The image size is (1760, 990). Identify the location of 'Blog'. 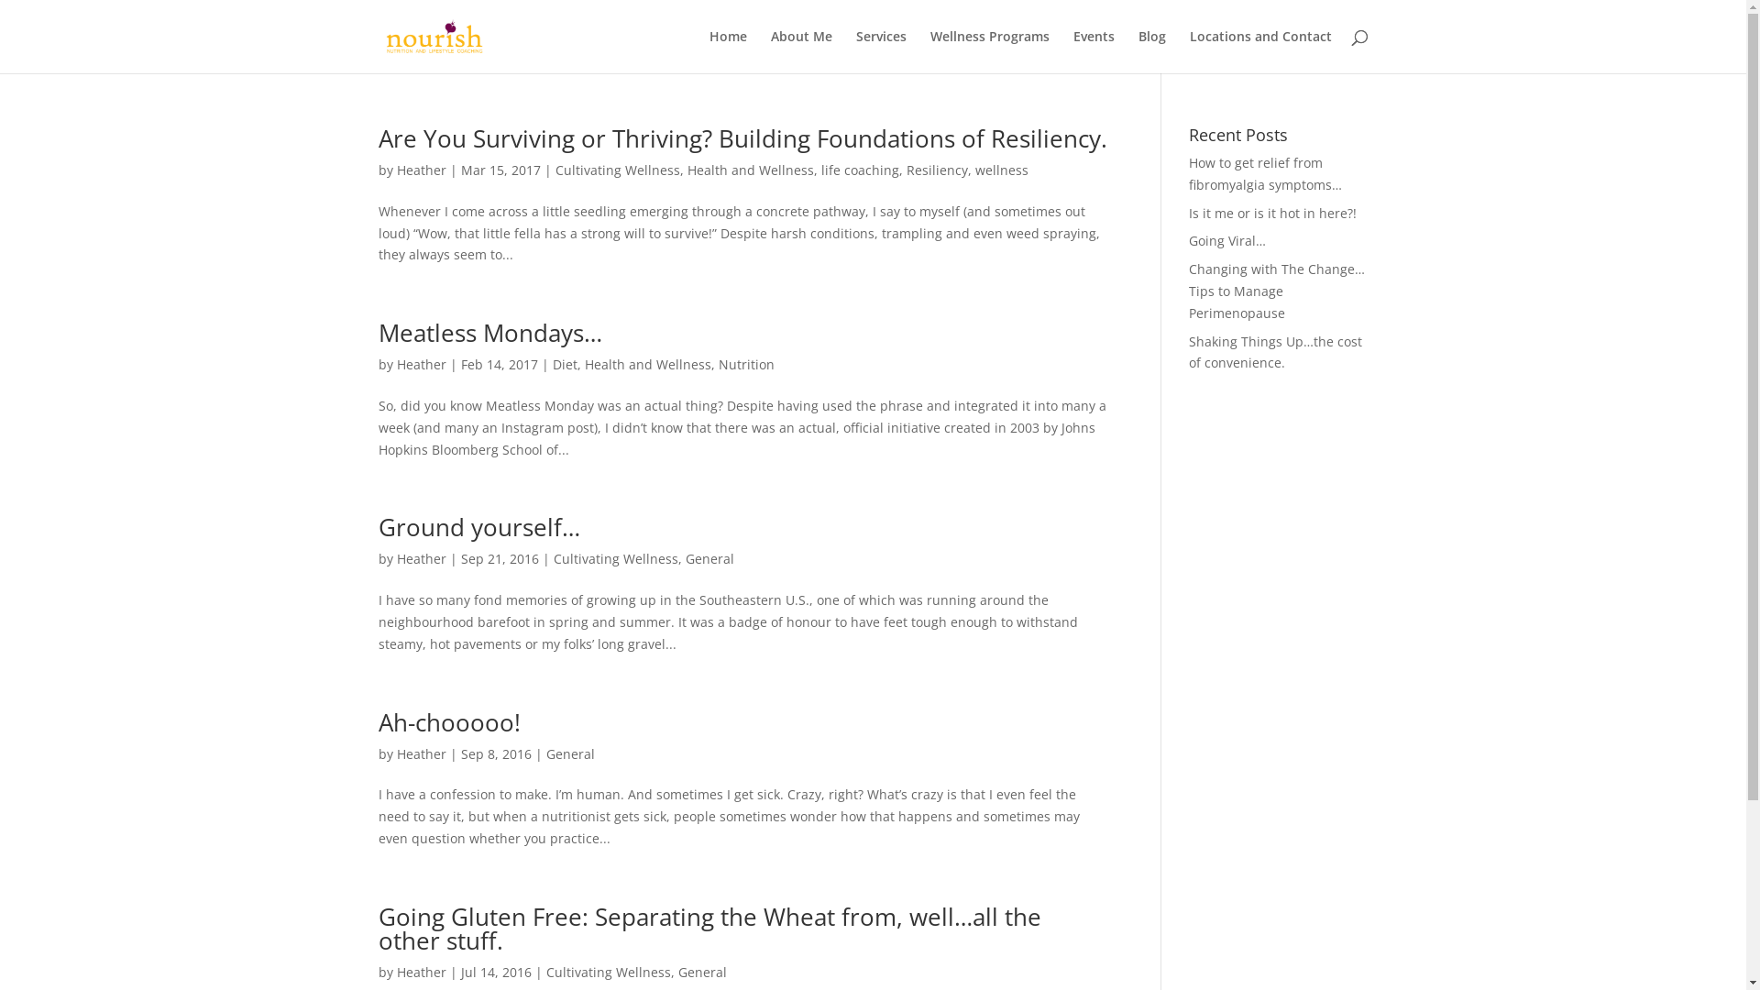
(1151, 50).